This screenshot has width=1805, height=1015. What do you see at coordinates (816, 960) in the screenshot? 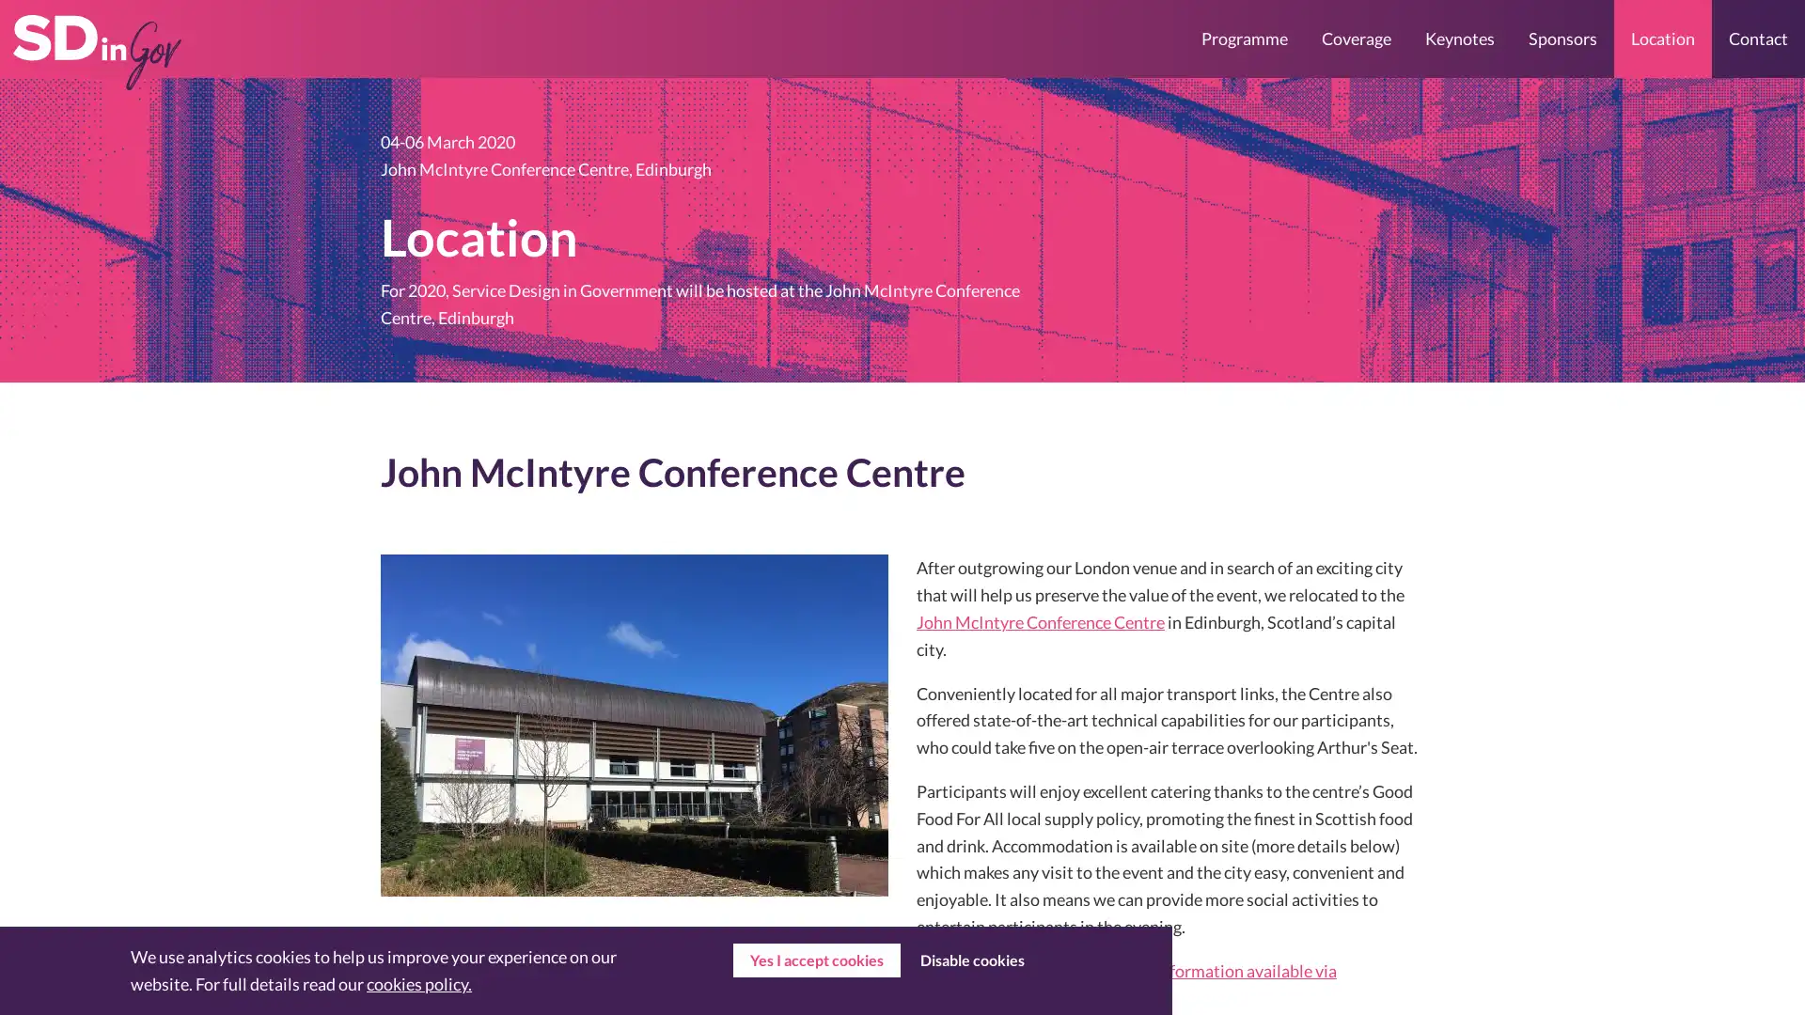
I see `Yes I accept cookies` at bounding box center [816, 960].